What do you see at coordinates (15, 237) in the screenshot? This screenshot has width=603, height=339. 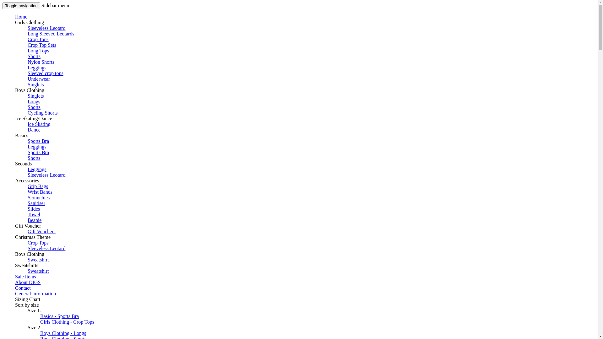 I see `'Christmas Theme'` at bounding box center [15, 237].